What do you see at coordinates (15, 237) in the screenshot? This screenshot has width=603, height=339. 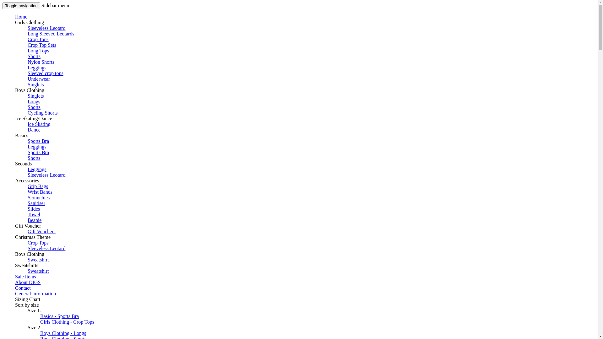 I see `'Christmas Theme'` at bounding box center [15, 237].